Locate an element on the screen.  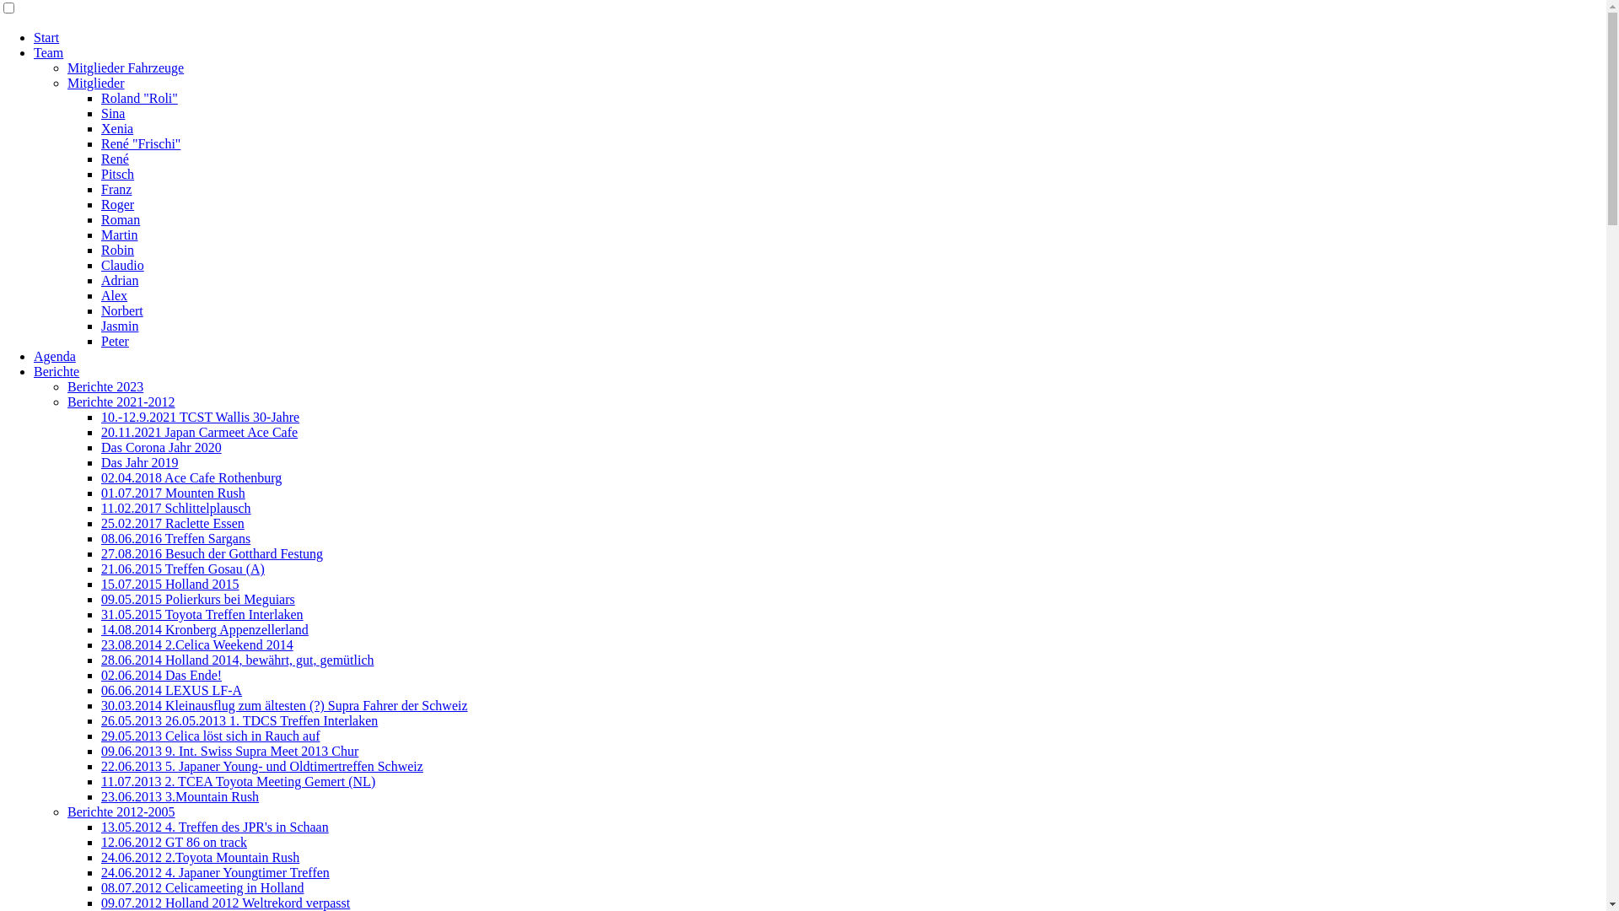
'27.08.2016 Besuch der Gotthard Festung' is located at coordinates (211, 553).